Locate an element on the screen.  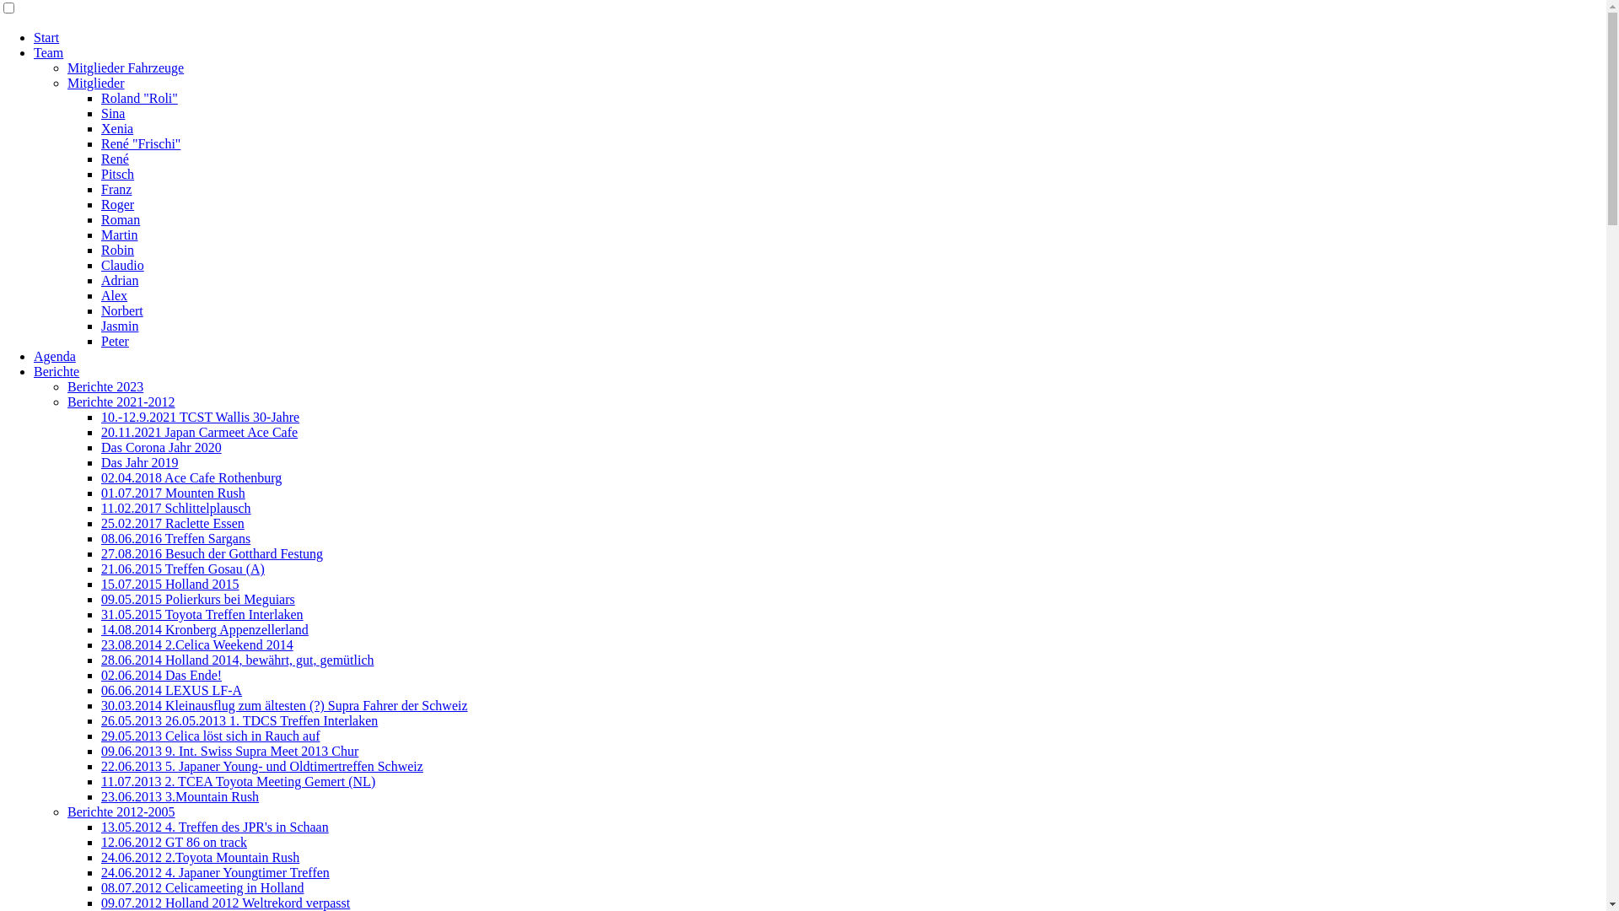
'27.08.2016 Besuch der Gotthard Festung' is located at coordinates (211, 553).